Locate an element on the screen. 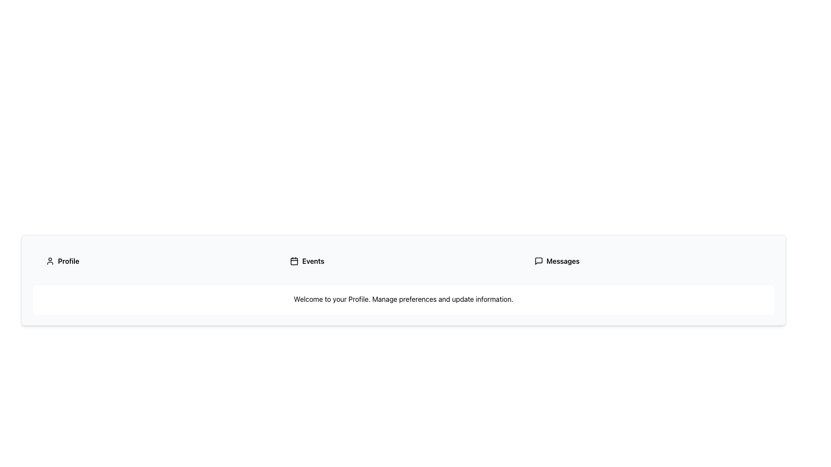  the appearance of the calendar icon, which is a rectangular shape with rounded corners located centrally aligned with the 'Events' label in the top horizontal menu is located at coordinates (294, 261).